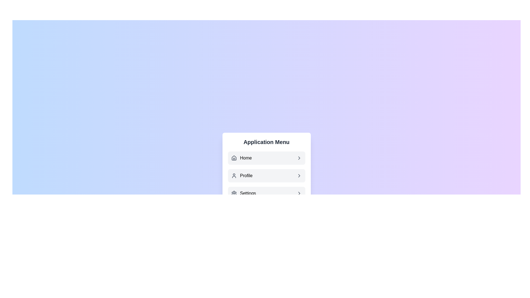 Image resolution: width=530 pixels, height=298 pixels. What do you see at coordinates (234, 158) in the screenshot?
I see `the small house icon, which is outlined in dark gray and serves as a visual aid for the 'Home' navigation menu` at bounding box center [234, 158].